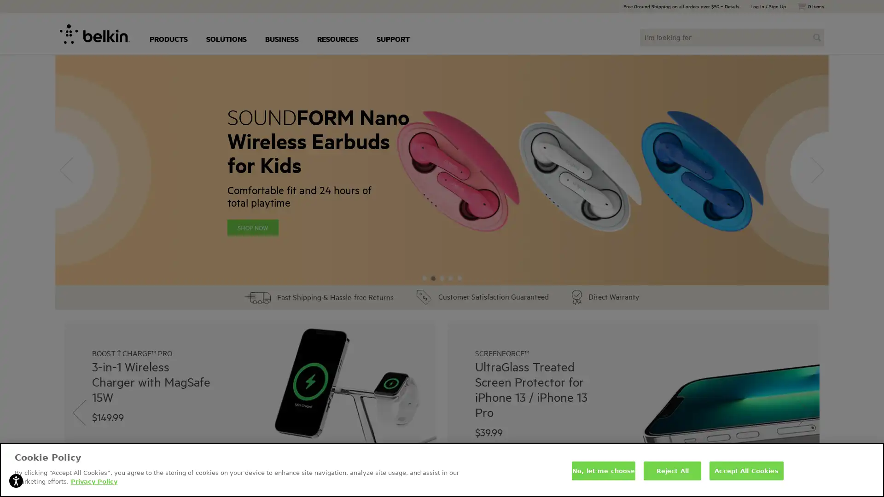  What do you see at coordinates (603, 470) in the screenshot?
I see `No, let me choose` at bounding box center [603, 470].